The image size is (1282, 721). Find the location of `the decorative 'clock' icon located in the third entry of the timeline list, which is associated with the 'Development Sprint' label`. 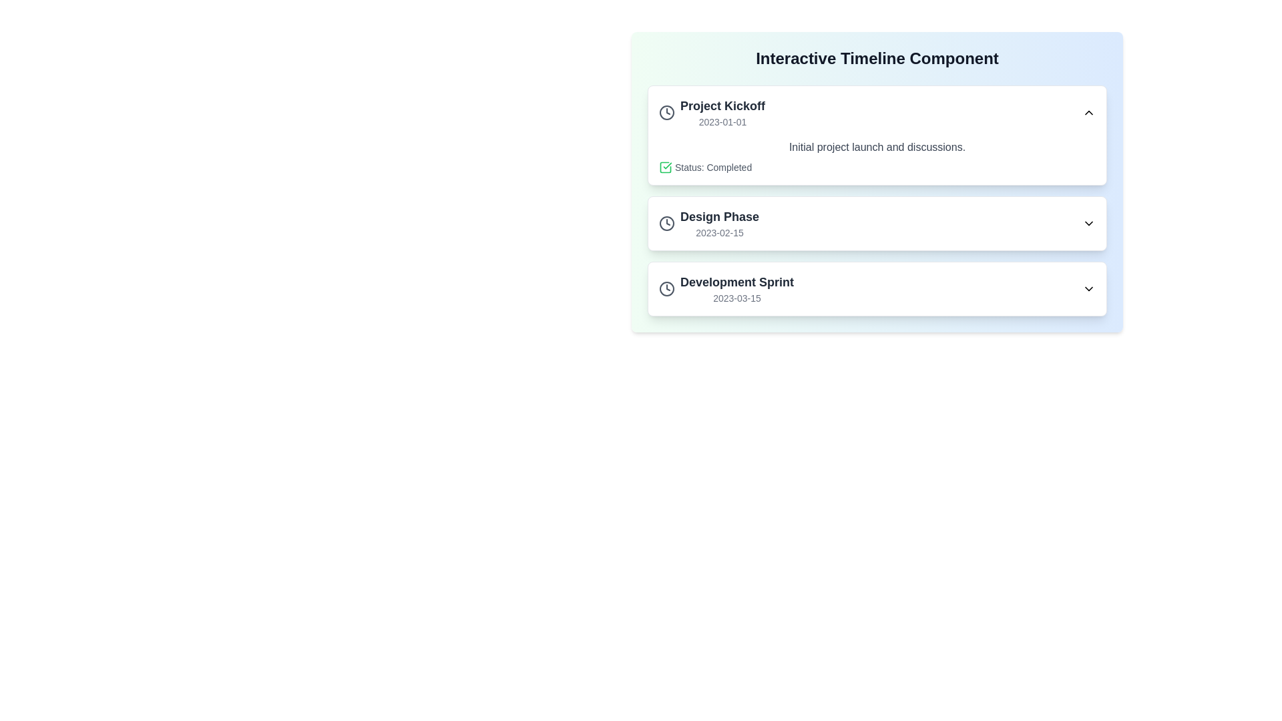

the decorative 'clock' icon located in the third entry of the timeline list, which is associated with the 'Development Sprint' label is located at coordinates (666, 288).